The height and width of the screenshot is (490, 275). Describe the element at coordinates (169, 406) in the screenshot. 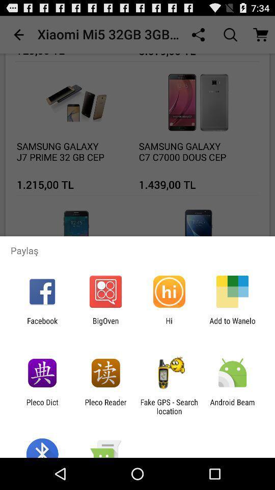

I see `the app to the left of the android beam app` at that location.